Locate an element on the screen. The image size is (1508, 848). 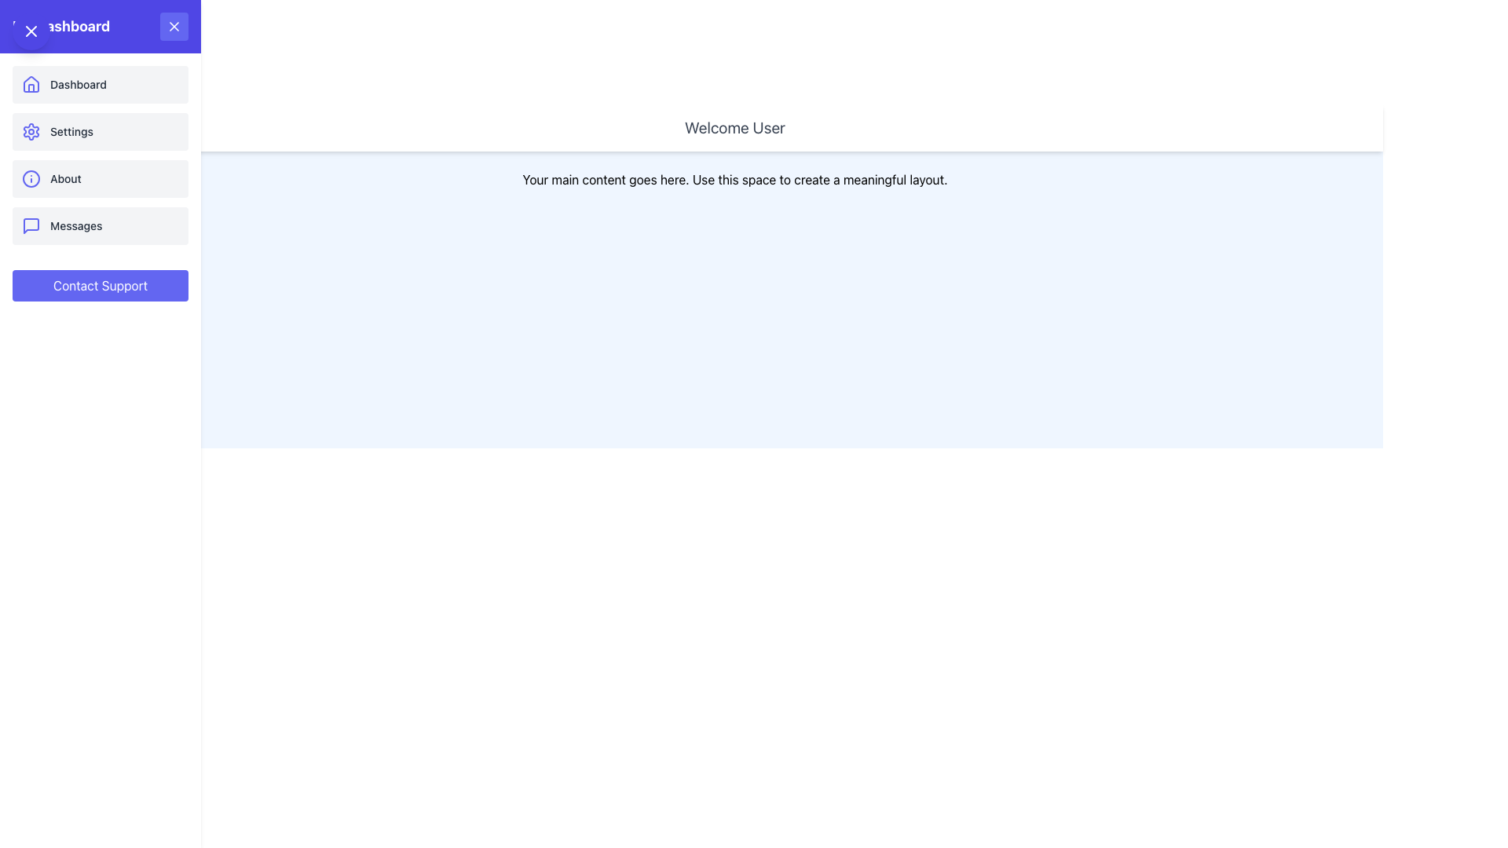
the 'Messages' Navigation Button located in the left sidebar, which is the fourth item in the vertical list, to change its background and text color is located at coordinates (100, 226).